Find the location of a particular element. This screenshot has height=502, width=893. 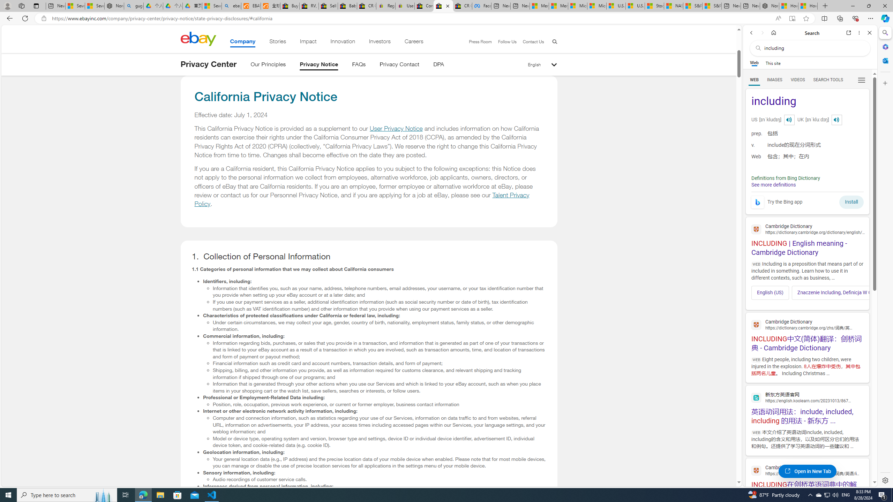

'Search Filter, IMAGES' is located at coordinates (774, 79).